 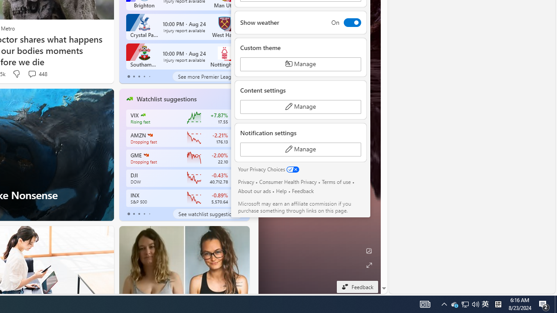 What do you see at coordinates (207, 76) in the screenshot?
I see `'See more Premier League'` at bounding box center [207, 76].